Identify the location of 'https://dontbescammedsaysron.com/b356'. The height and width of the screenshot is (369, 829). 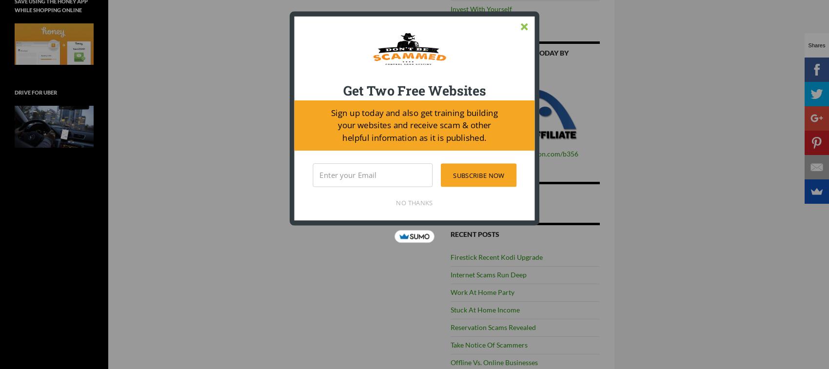
(514, 153).